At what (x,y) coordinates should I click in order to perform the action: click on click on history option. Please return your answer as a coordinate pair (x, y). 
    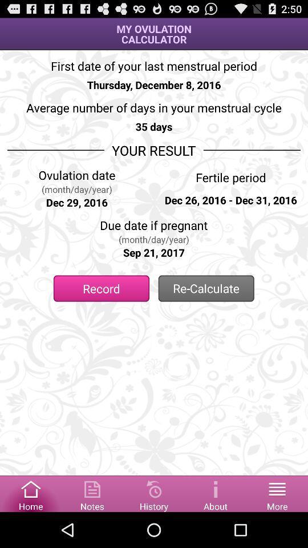
    Looking at the image, I should click on (154, 493).